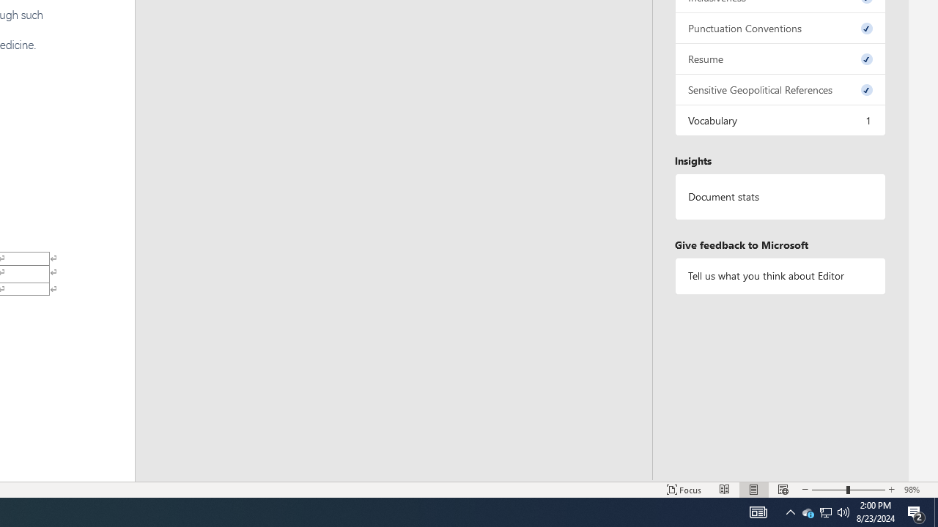 The image size is (938, 527). Describe the element at coordinates (779, 276) in the screenshot. I see `'Tell us what you think about Editor'` at that location.